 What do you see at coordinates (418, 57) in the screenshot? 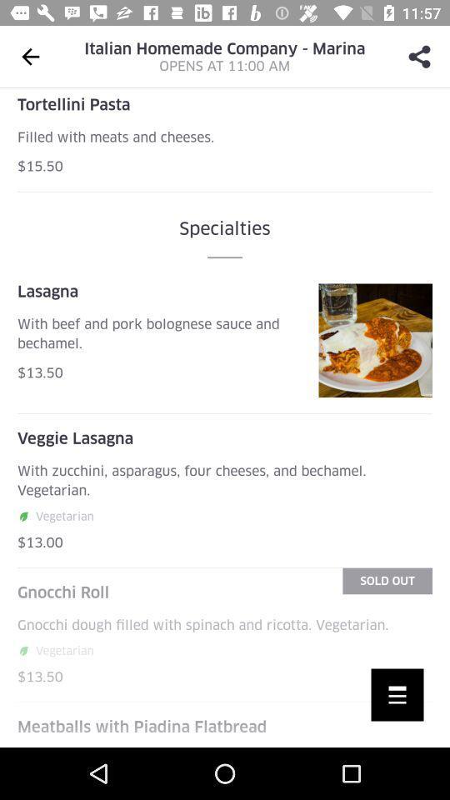
I see `the share icon` at bounding box center [418, 57].